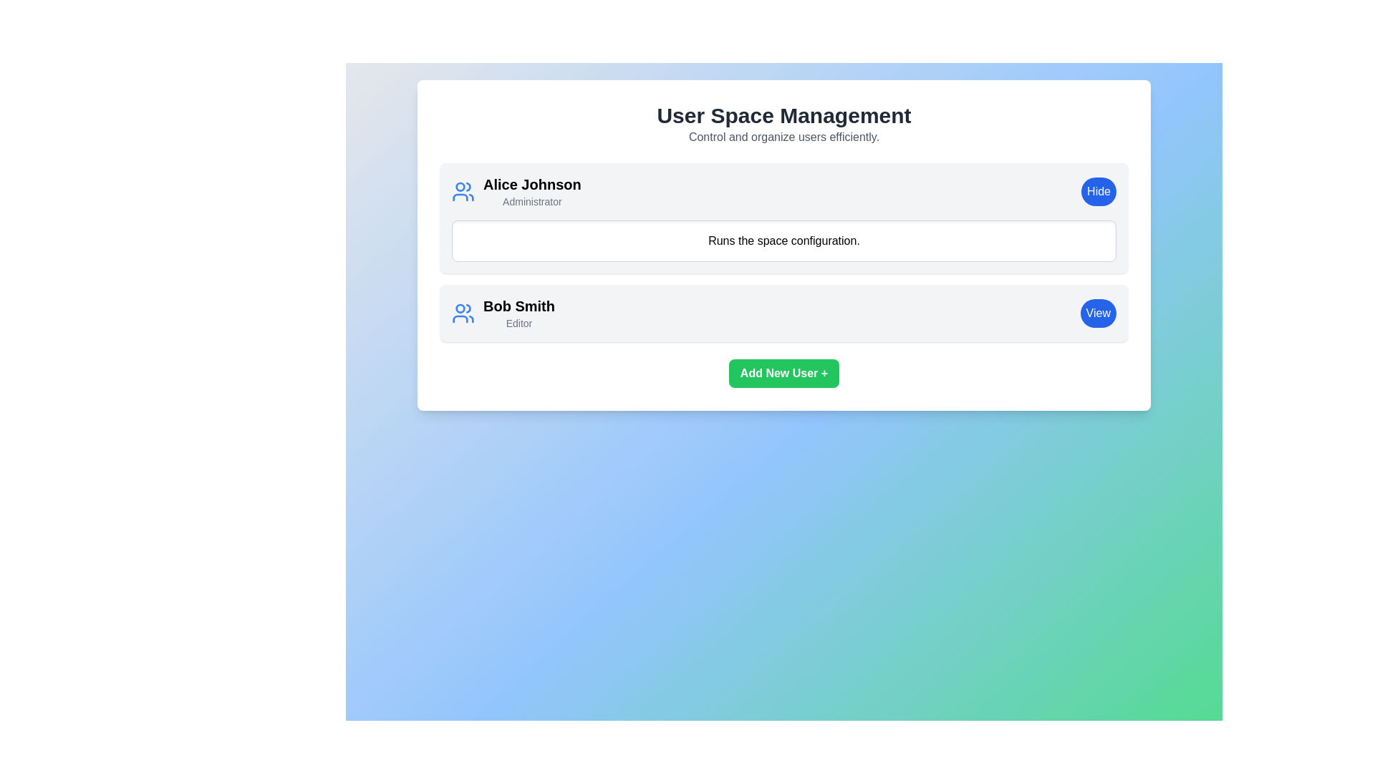  Describe the element at coordinates (1098, 190) in the screenshot. I see `the 'Hide' button for user 'Alice Johnson', labeled as 'Administrator', to change its color` at that location.